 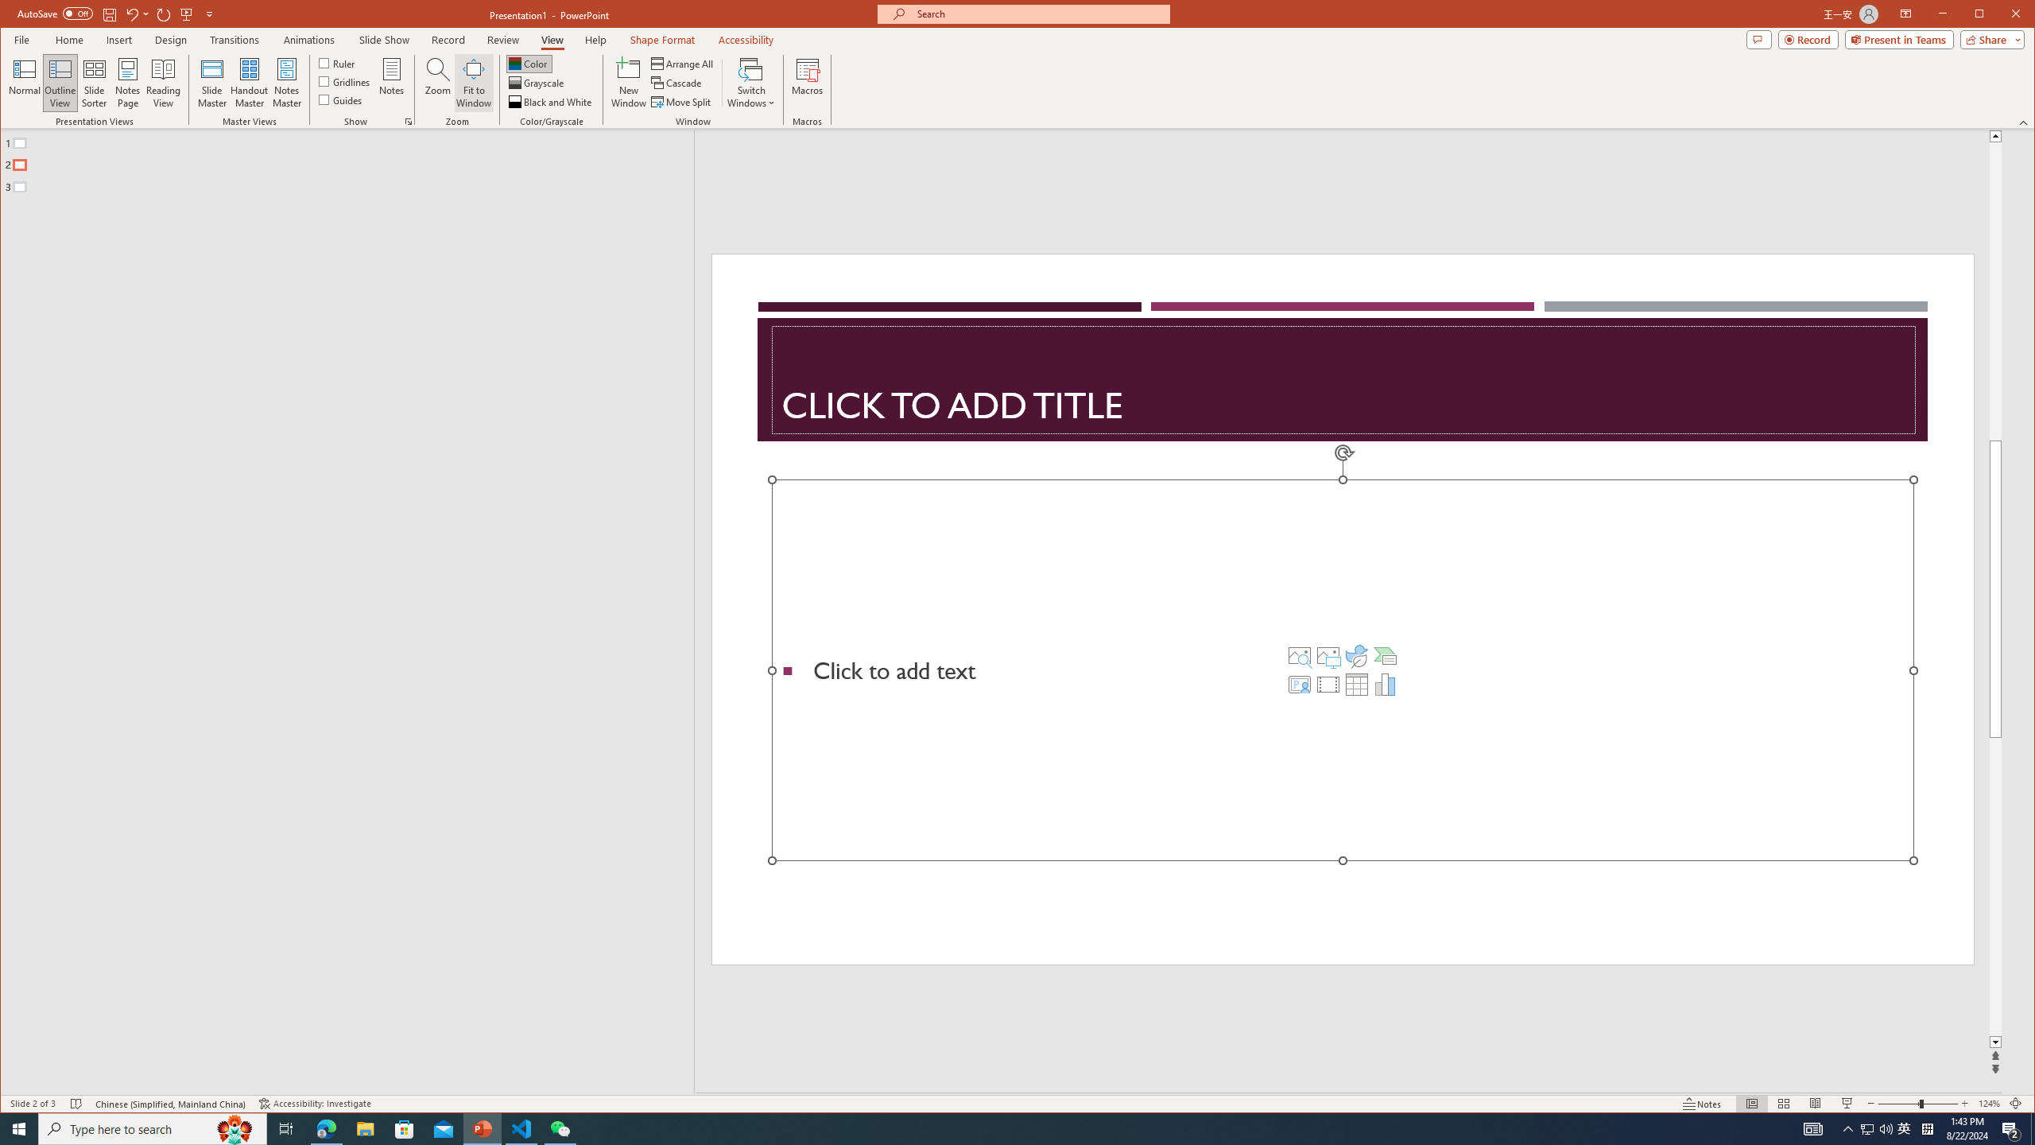 What do you see at coordinates (1357, 655) in the screenshot?
I see `'Insert an Icon'` at bounding box center [1357, 655].